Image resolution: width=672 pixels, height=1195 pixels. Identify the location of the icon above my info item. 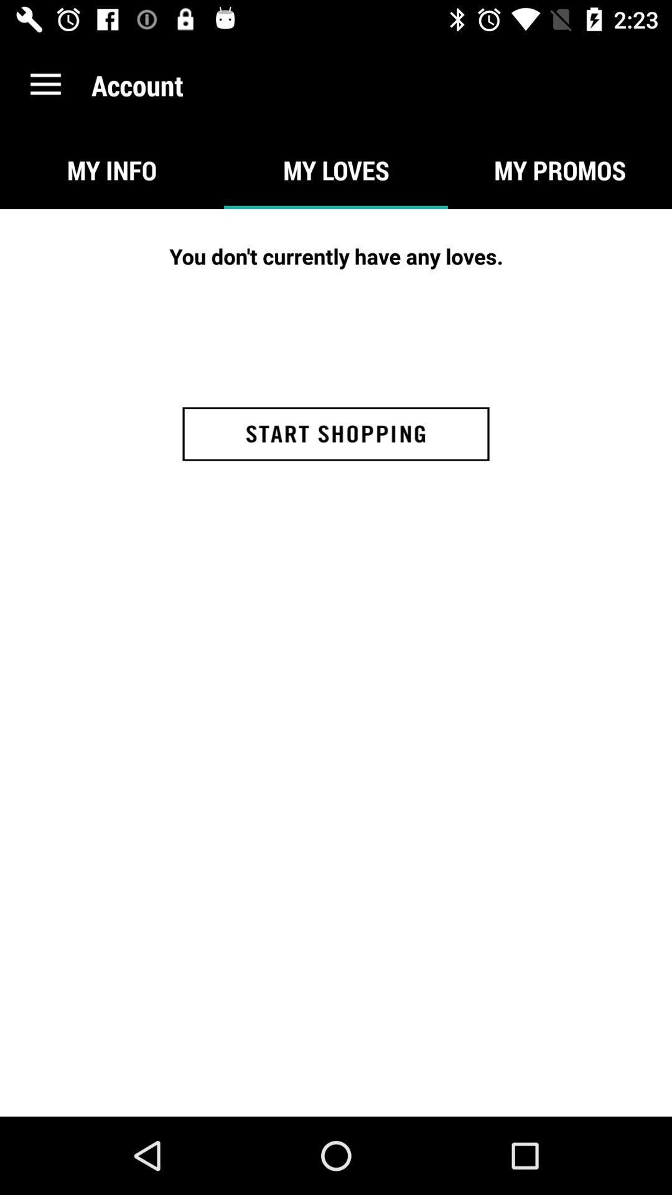
(45, 84).